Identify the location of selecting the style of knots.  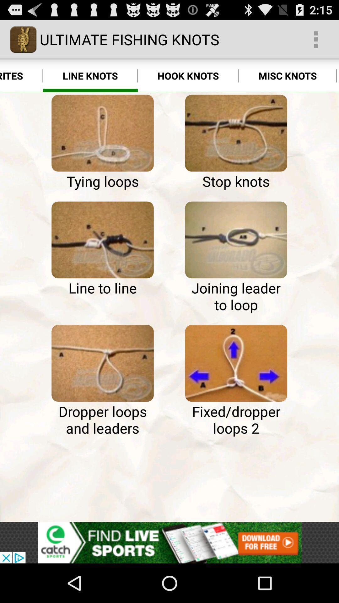
(102, 363).